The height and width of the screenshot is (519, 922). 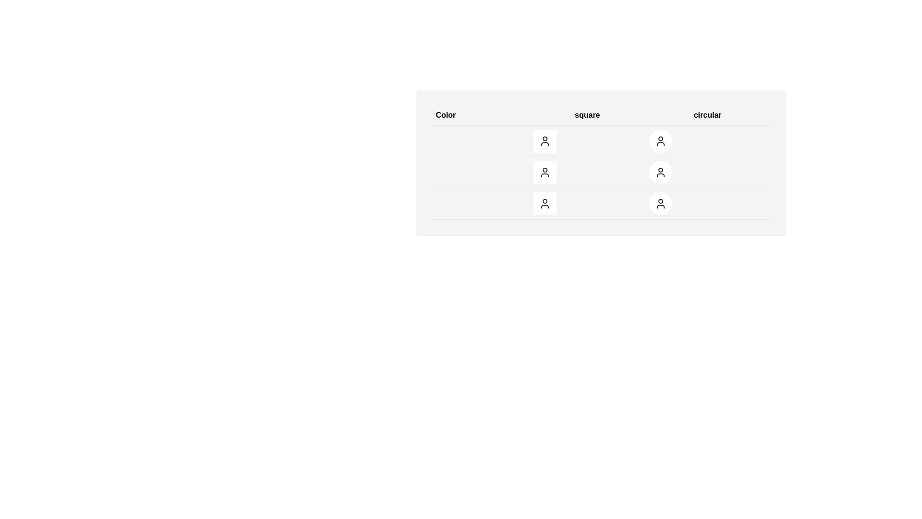 I want to click on the user profile graphical icon, which is a circular head and shoulders outline in dark gray within a circular white background, located in the second column of the third row under the 'circular' column header, so click(x=660, y=172).